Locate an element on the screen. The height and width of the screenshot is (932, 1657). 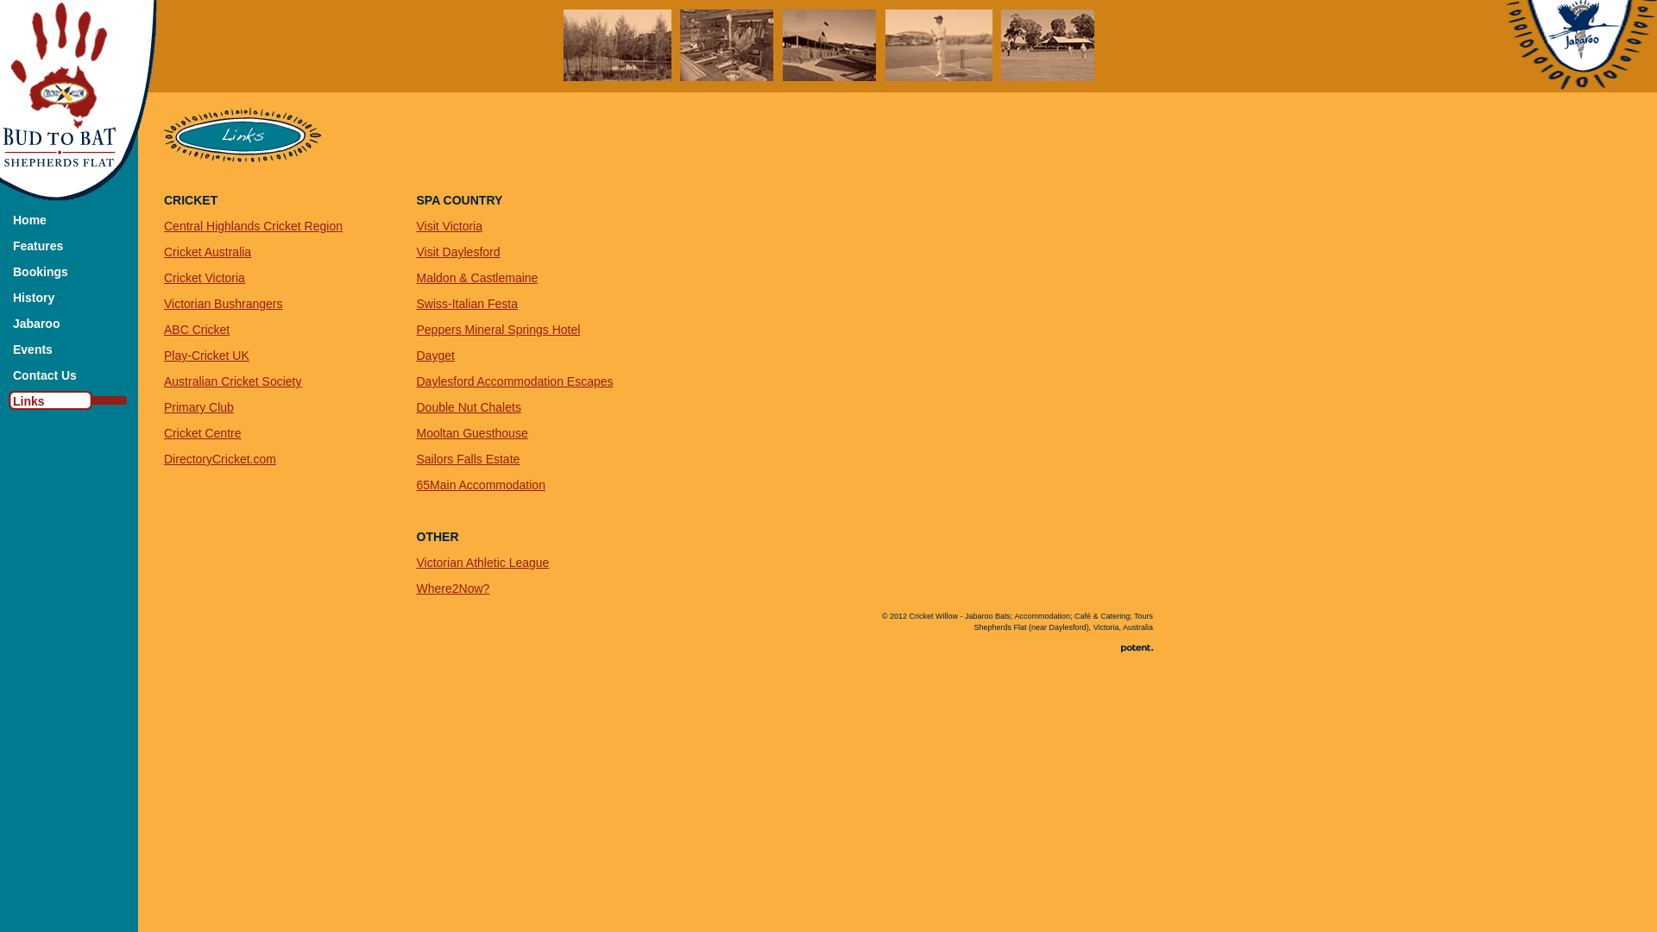
'Play-Cricket UK' is located at coordinates (206, 355).